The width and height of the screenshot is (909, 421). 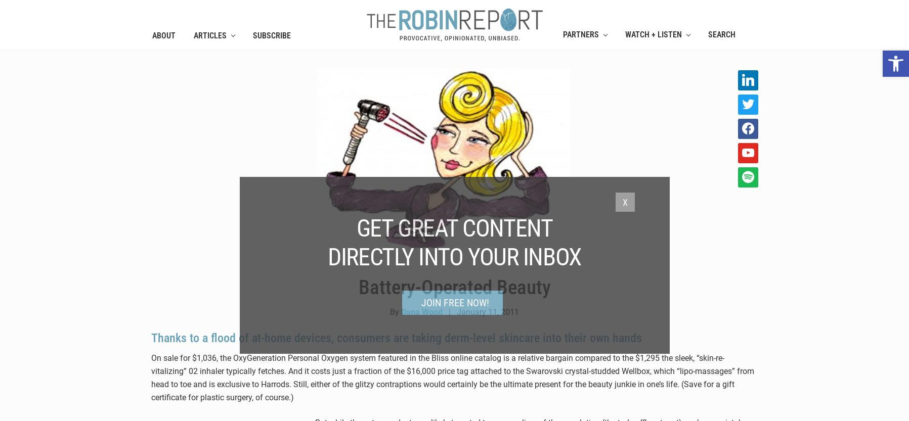 What do you see at coordinates (721, 34) in the screenshot?
I see `'Search'` at bounding box center [721, 34].